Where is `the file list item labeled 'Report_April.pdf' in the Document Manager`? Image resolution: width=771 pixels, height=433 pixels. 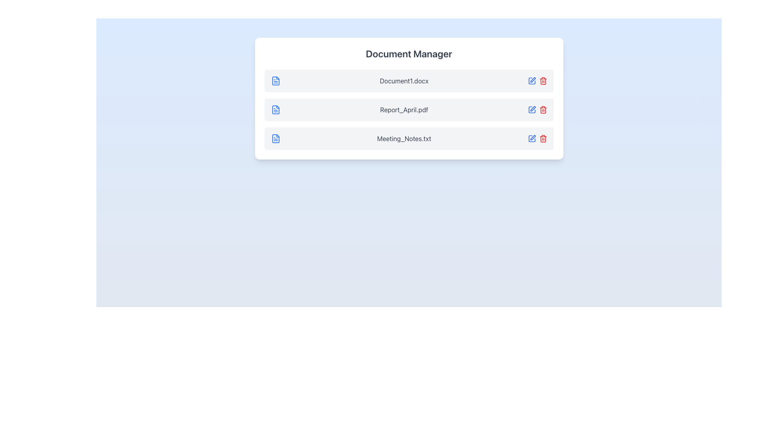
the file list item labeled 'Report_April.pdf' in the Document Manager is located at coordinates (409, 109).